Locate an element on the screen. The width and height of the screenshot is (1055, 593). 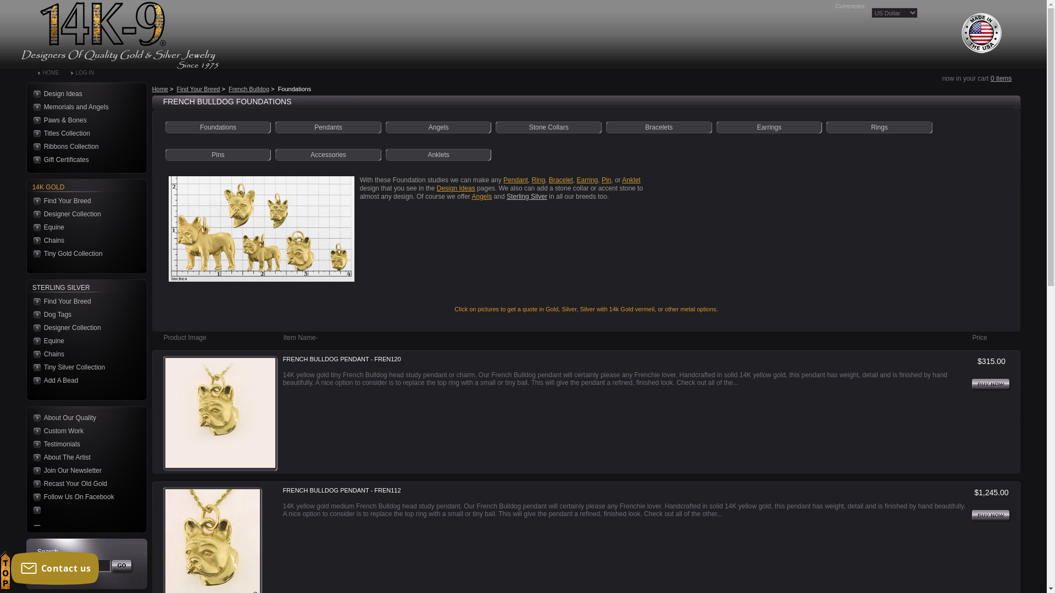
'Follow Us On Facebook' is located at coordinates (83, 497).